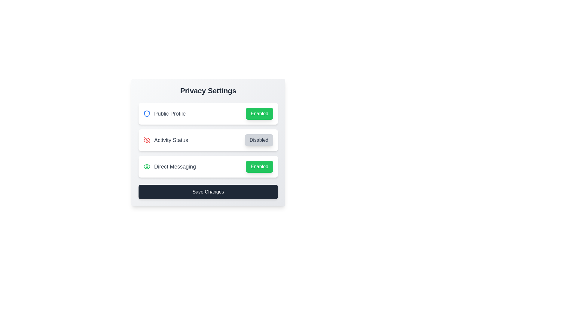 The height and width of the screenshot is (325, 577). I want to click on the 'Save Changes' button to save the settings, so click(208, 192).